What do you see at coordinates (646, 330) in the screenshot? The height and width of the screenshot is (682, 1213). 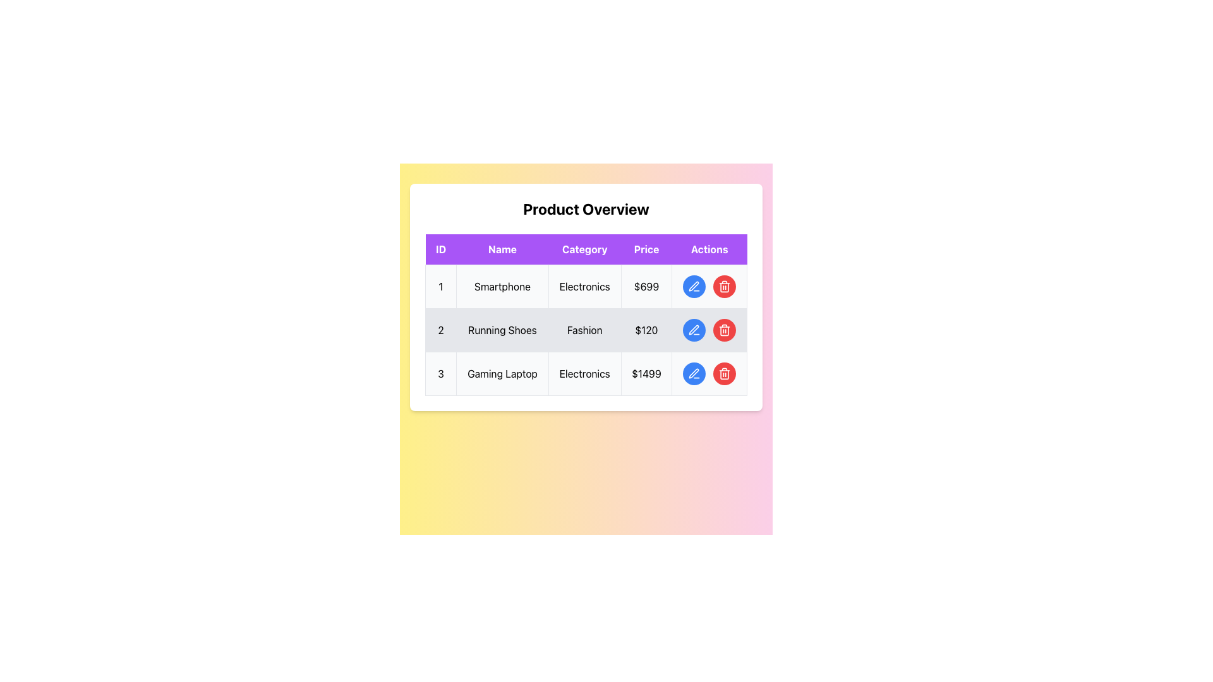 I see `the price cell in the second row of the table, which is located between the 'Fashion' category cell and the actions column` at bounding box center [646, 330].